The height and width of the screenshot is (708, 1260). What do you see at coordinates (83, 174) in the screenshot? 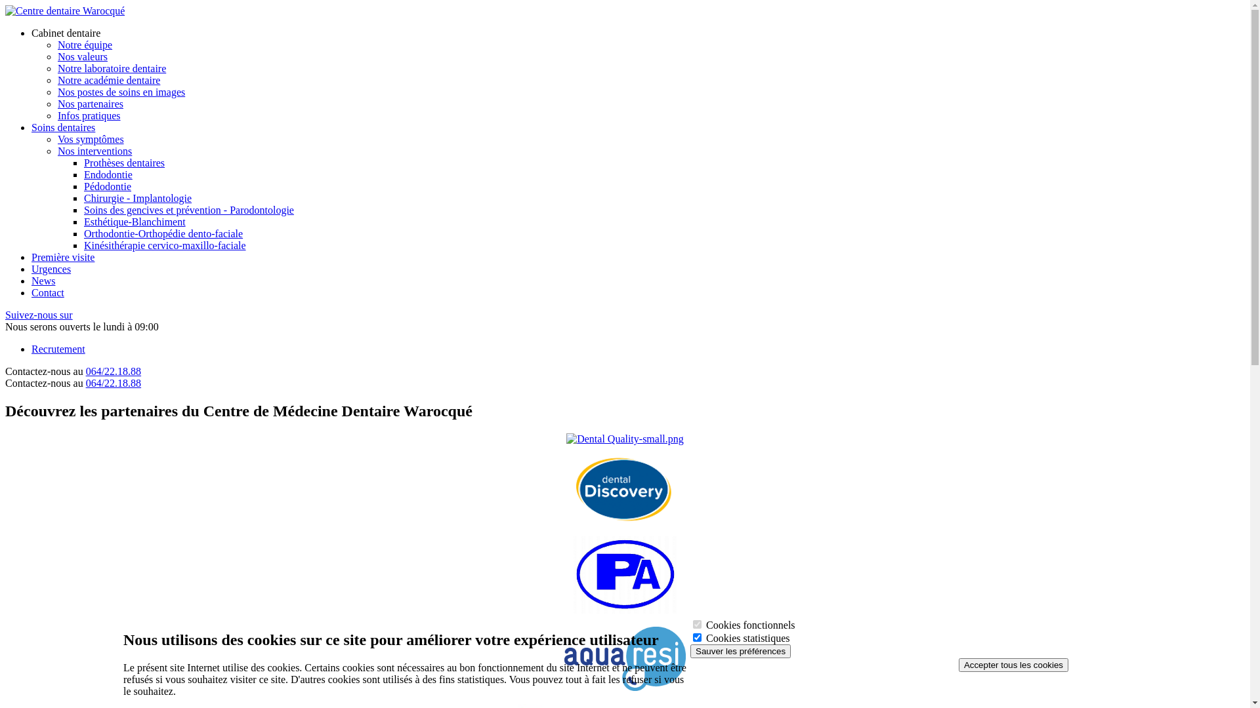
I see `'Endodontie'` at bounding box center [83, 174].